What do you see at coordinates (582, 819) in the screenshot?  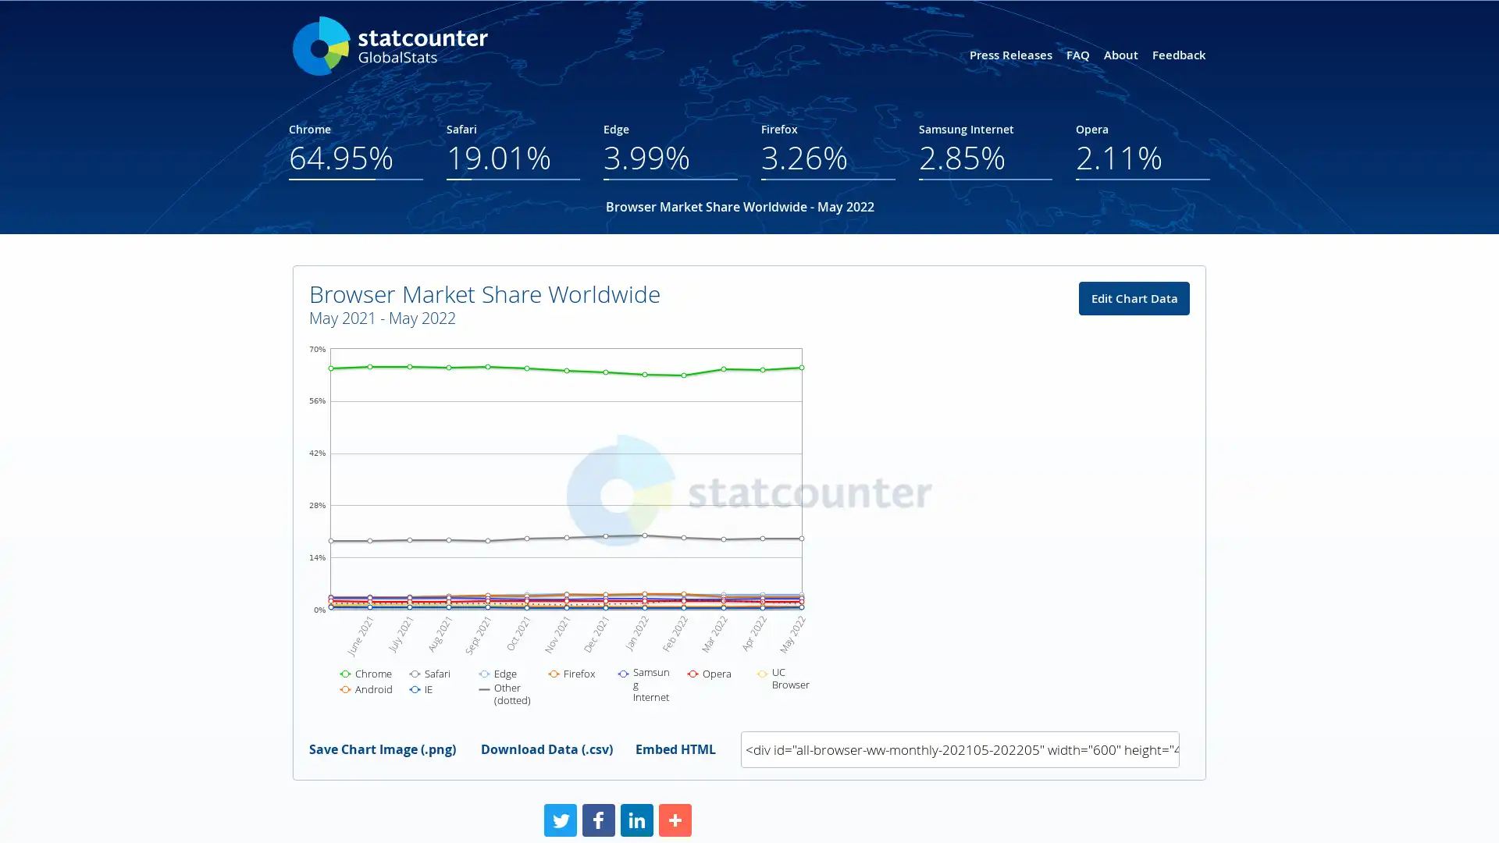 I see `Share to Twitter Twitter` at bounding box center [582, 819].